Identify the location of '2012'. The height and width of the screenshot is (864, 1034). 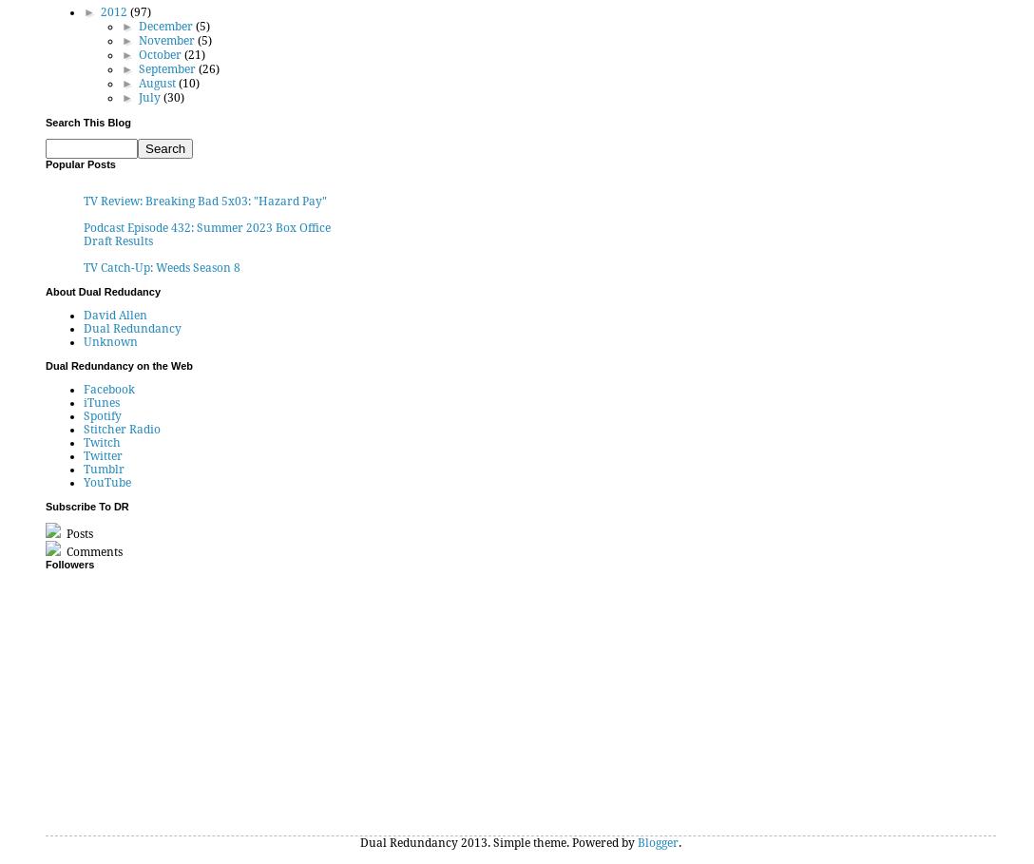
(114, 10).